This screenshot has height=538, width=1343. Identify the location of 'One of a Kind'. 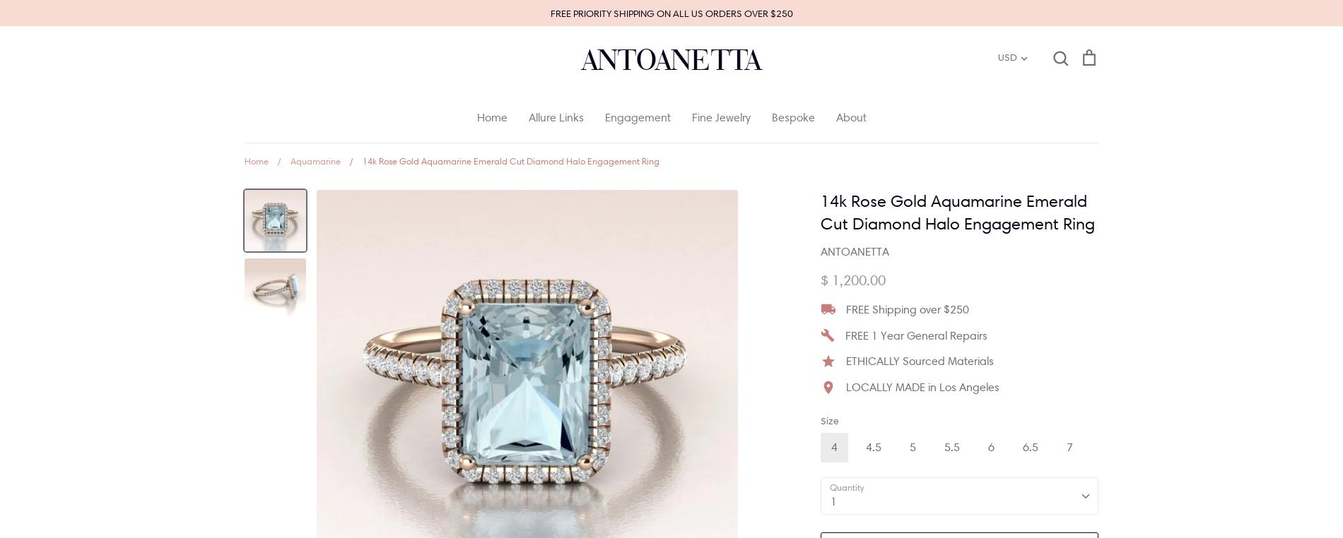
(727, 253).